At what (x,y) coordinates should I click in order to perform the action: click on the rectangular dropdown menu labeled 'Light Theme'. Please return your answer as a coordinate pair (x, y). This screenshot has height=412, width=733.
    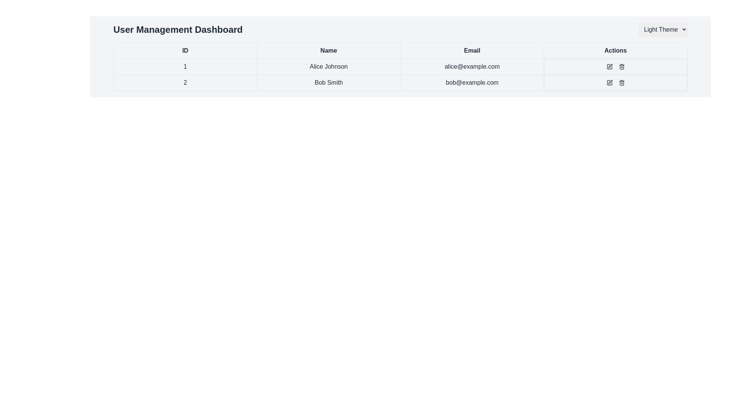
    Looking at the image, I should click on (663, 29).